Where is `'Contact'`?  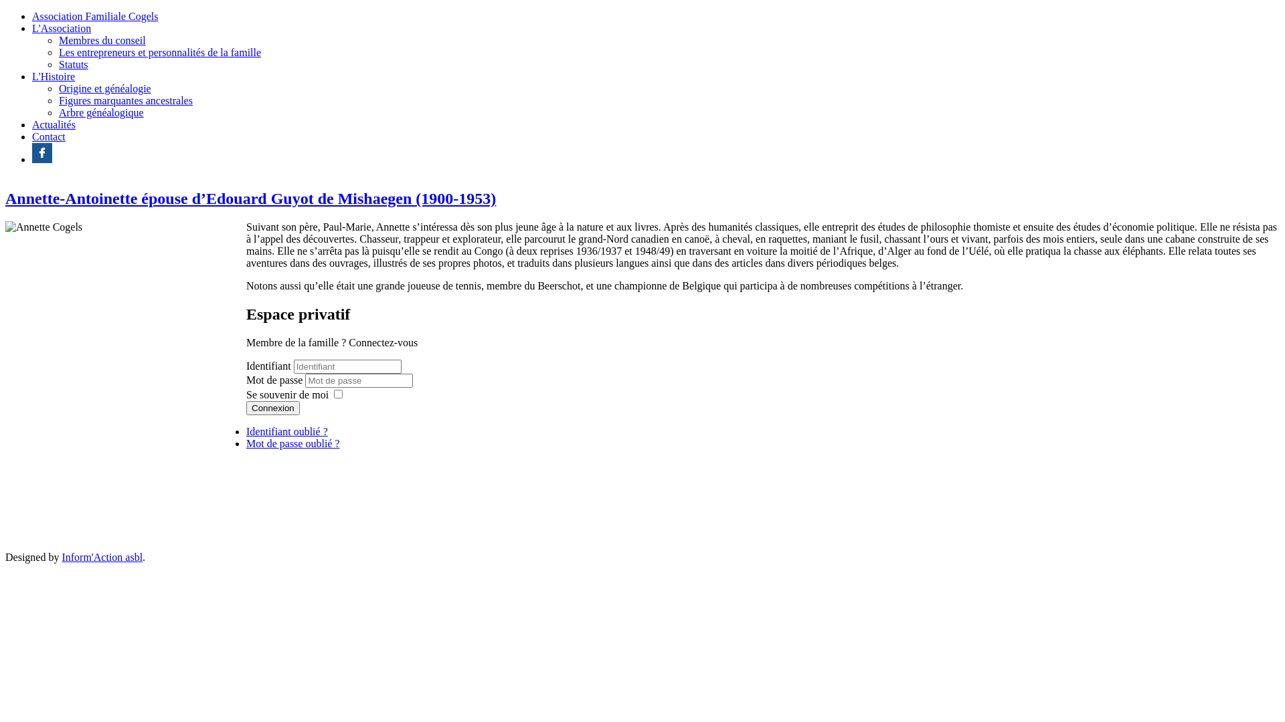 'Contact' is located at coordinates (32, 136).